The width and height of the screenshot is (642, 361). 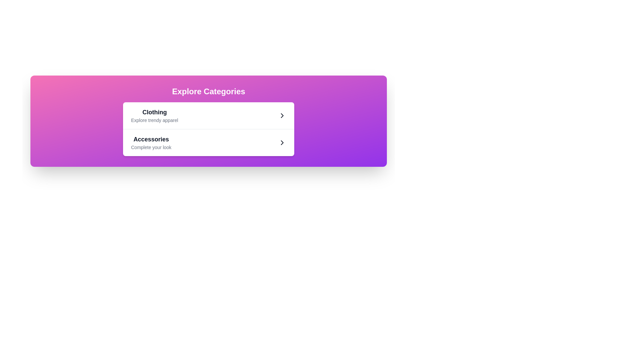 I want to click on the static text element containing the phrase 'Explore trendy apparel', which is styled in light gray and positioned below the title 'Clothing', so click(x=154, y=120).